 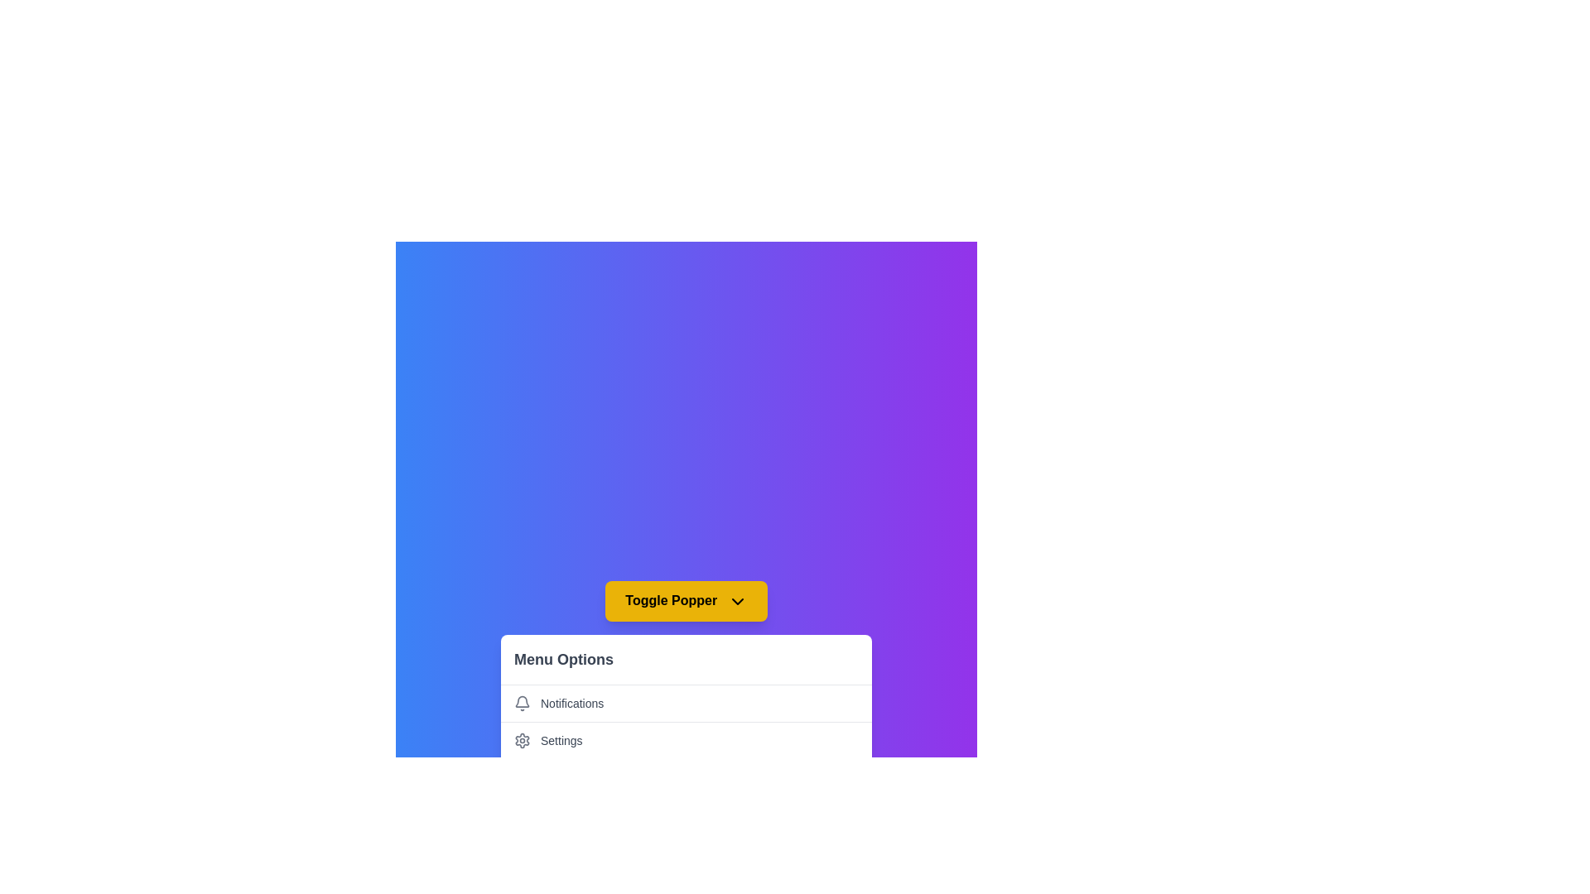 I want to click on text of the second item in the menu list, which is a Text Label located to the right of a bell icon and below the 'Menu Options' header, so click(x=572, y=703).